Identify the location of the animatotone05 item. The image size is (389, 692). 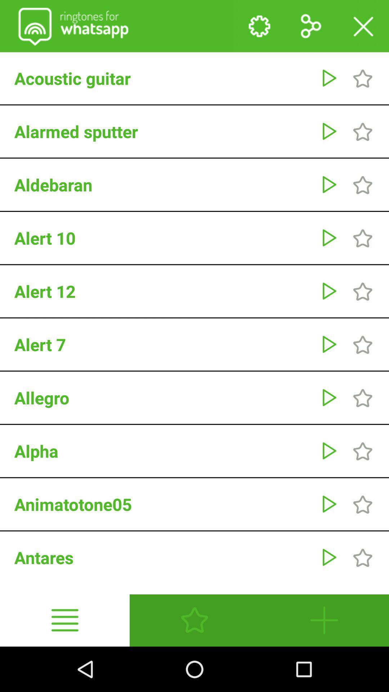
(164, 504).